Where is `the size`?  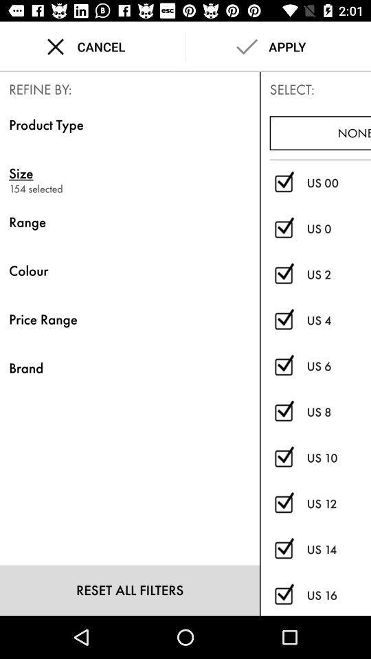
the size is located at coordinates (283, 458).